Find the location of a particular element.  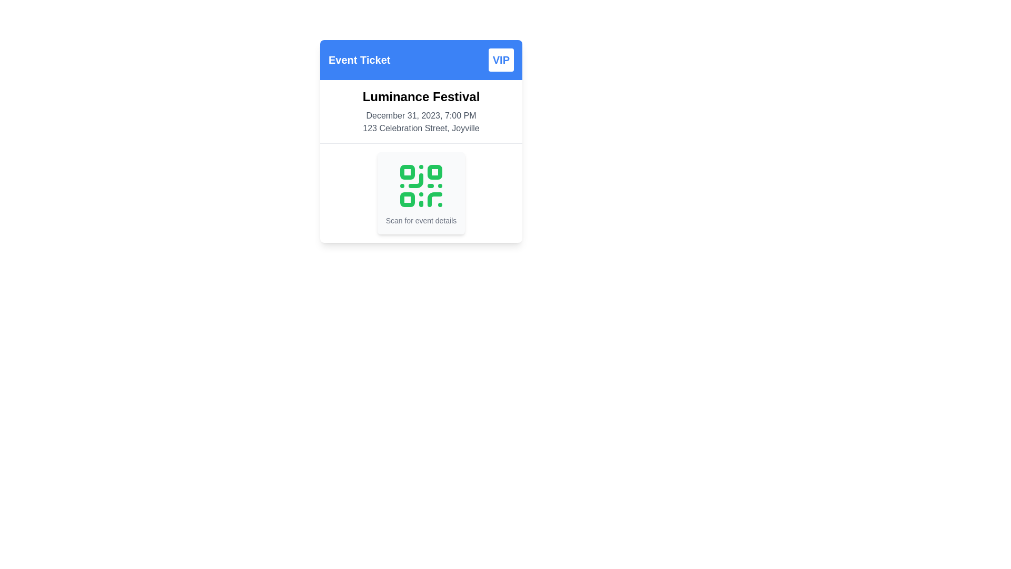

the top-left sub-square of the QR code icon in the central part of the card layout under the event details is located at coordinates (407, 172).